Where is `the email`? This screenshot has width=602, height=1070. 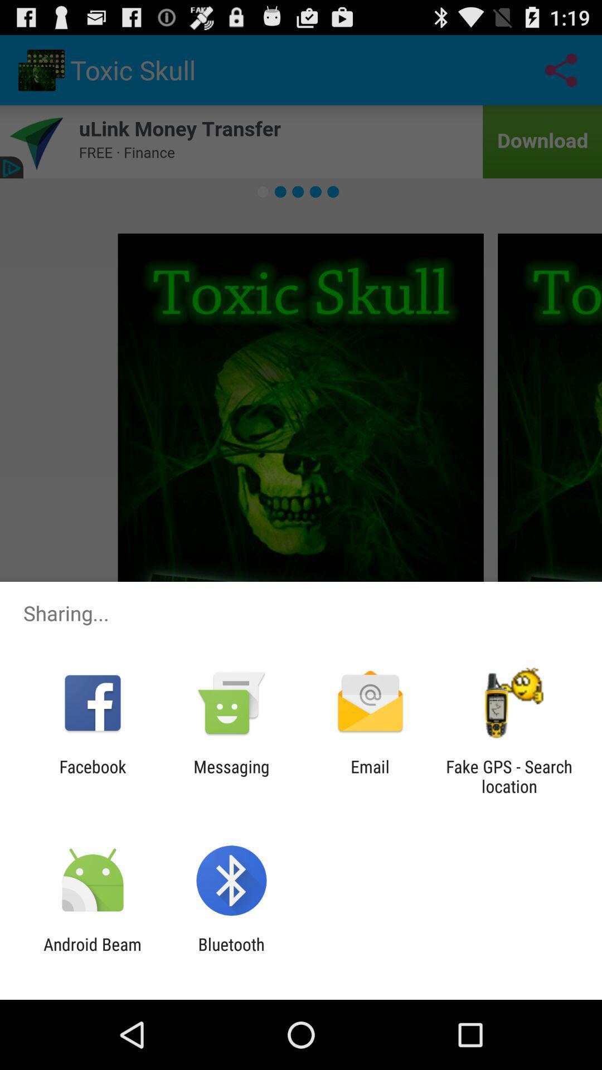 the email is located at coordinates (370, 776).